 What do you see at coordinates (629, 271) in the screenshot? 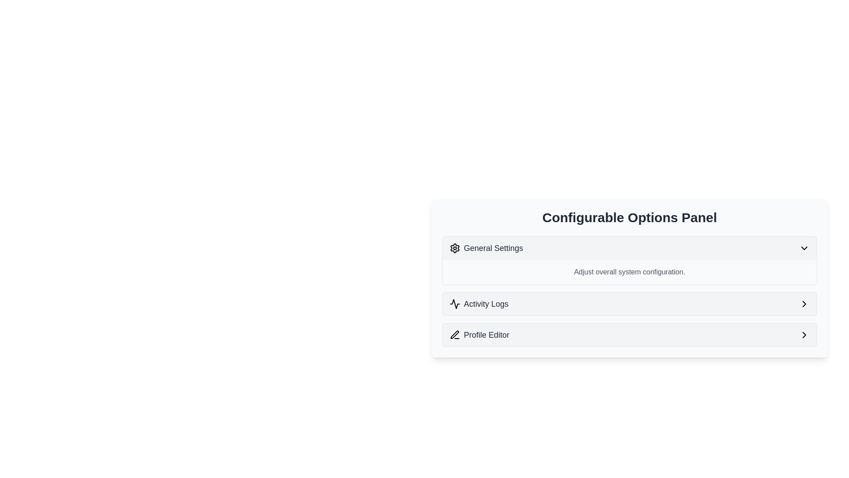
I see `the textual label describing the settings section located below the 'General Settings' header and above the 'Activity Logs' entry` at bounding box center [629, 271].